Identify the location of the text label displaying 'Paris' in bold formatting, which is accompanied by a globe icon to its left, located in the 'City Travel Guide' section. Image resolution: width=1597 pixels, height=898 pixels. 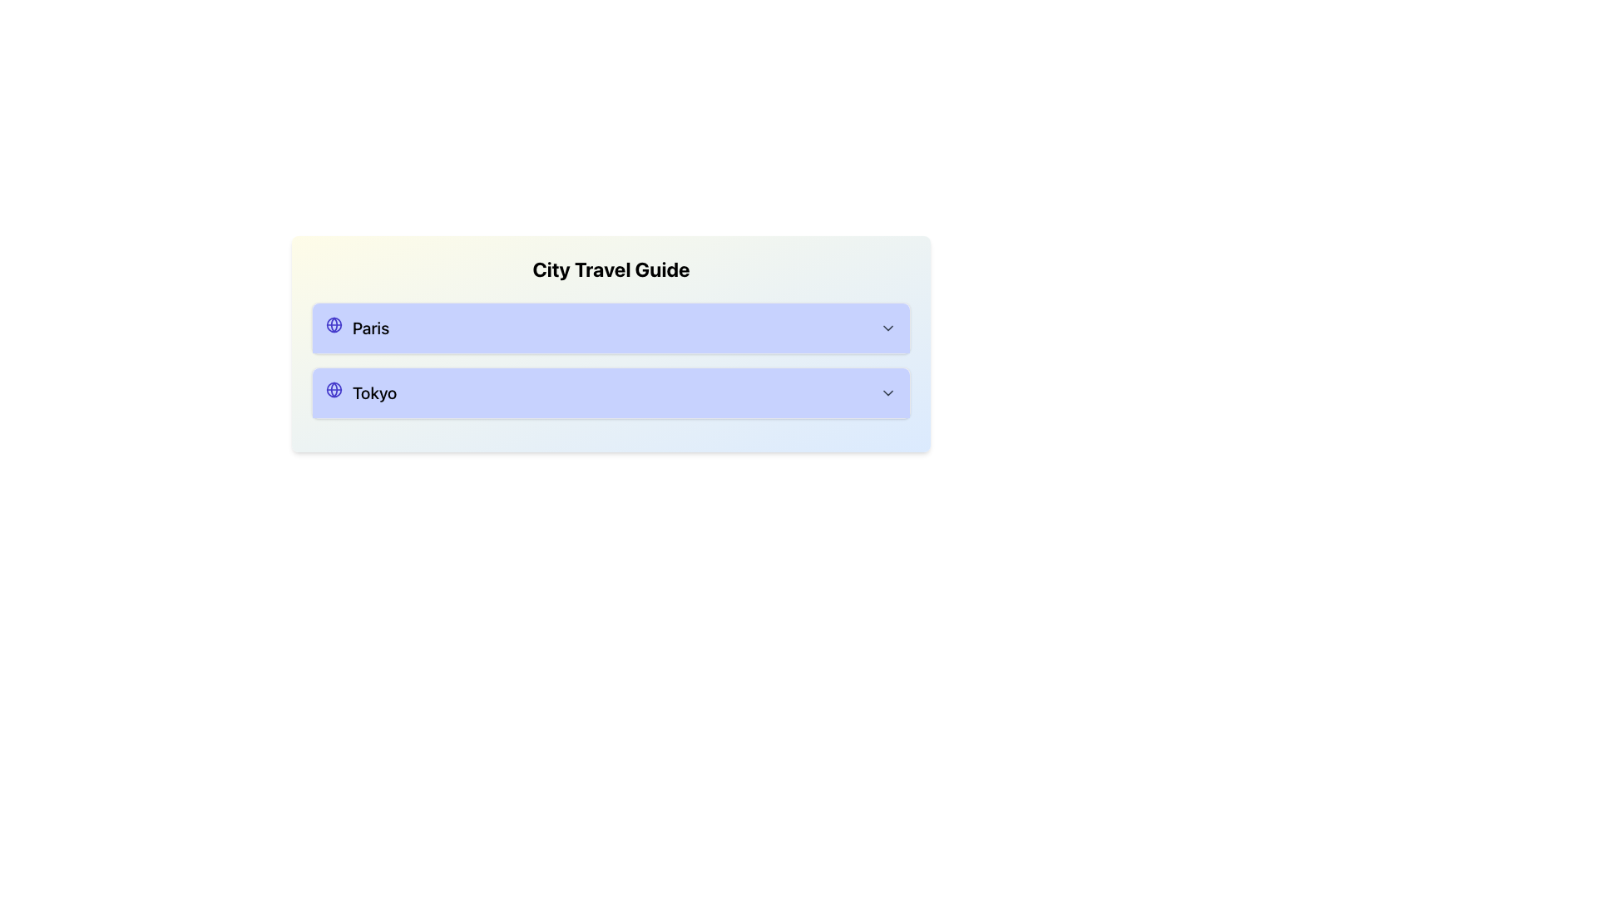
(357, 328).